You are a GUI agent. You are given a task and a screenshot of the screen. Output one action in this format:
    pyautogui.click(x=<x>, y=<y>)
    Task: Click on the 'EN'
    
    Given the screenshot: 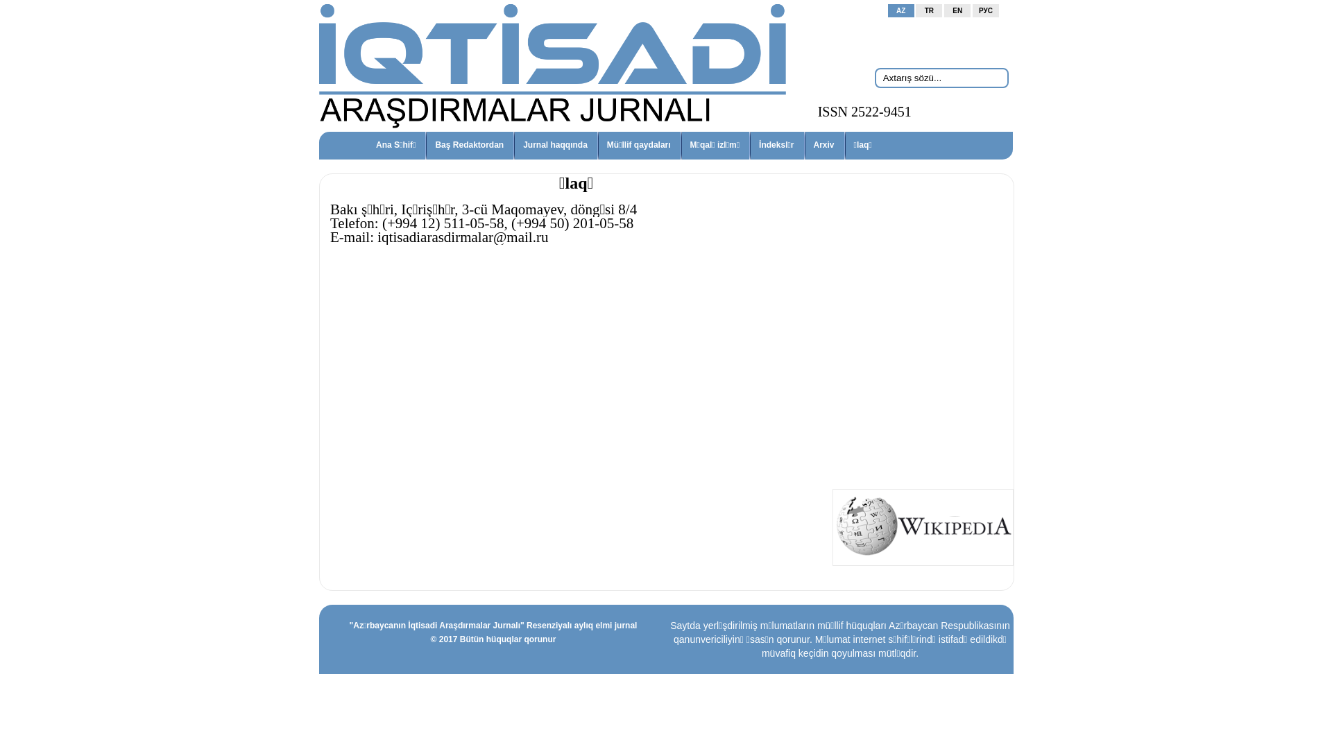 What is the action you would take?
    pyautogui.click(x=957, y=10)
    